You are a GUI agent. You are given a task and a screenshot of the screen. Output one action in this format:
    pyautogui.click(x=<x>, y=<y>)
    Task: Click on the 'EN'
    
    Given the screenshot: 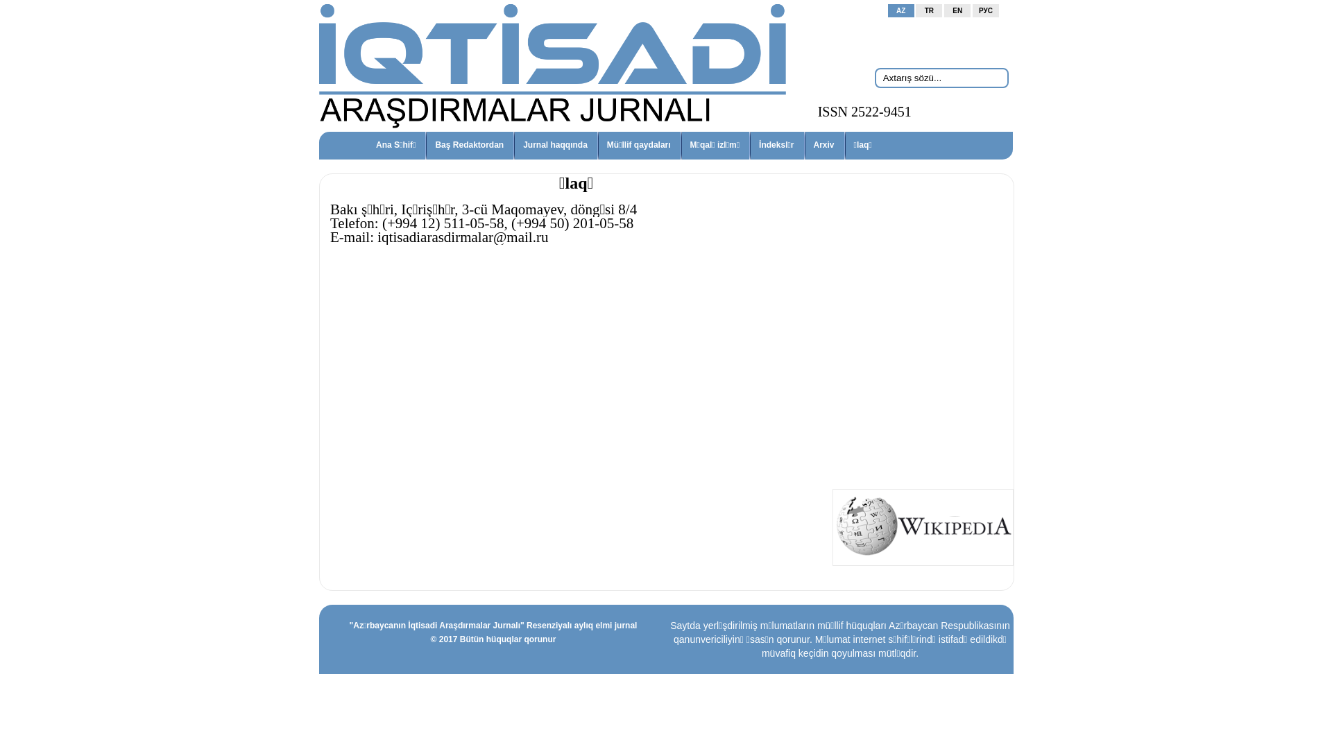 What is the action you would take?
    pyautogui.click(x=957, y=10)
    